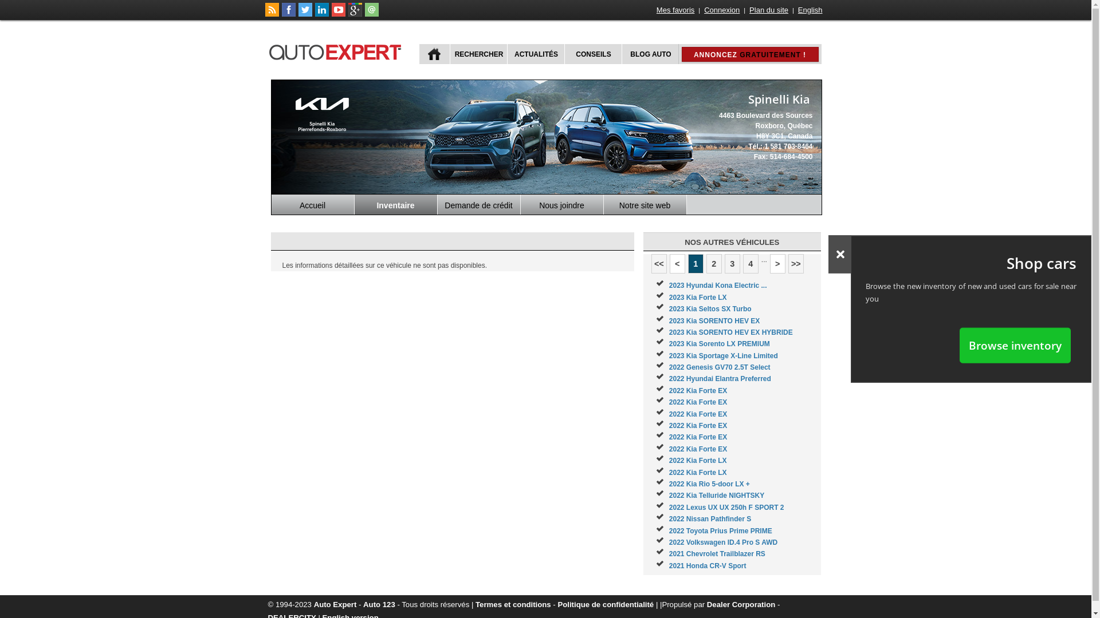 The height and width of the screenshot is (618, 1100). What do you see at coordinates (305, 14) in the screenshot?
I see `'Suivez autoExpert.ca sur Twitter'` at bounding box center [305, 14].